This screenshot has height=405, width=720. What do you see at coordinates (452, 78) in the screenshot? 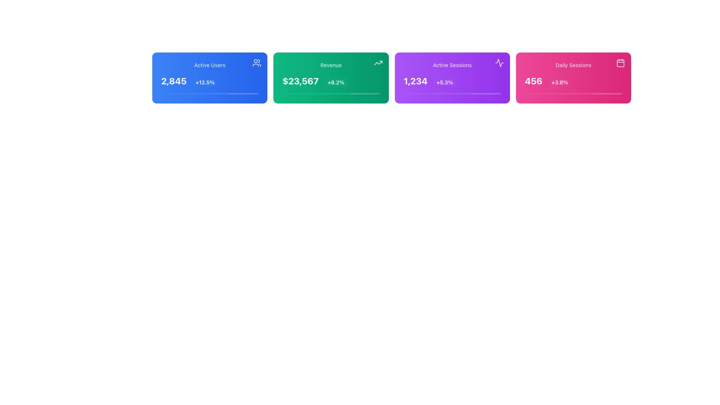
I see `the textual display element that shows the current active session count and percentage change, located within the purple card labeled 'Active Sessions', positioned below the label and adjacent to the numerical value '1,234'` at bounding box center [452, 78].